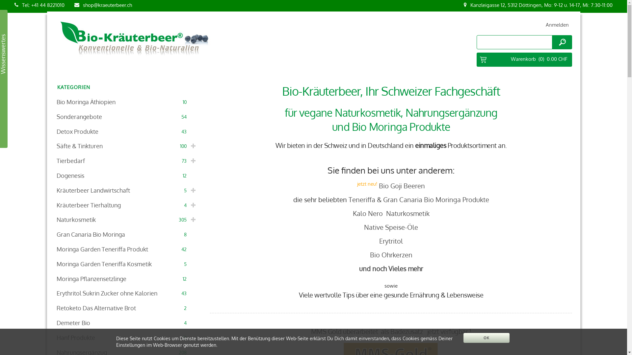  What do you see at coordinates (401, 185) in the screenshot?
I see `'Bio Goji Beeren'` at bounding box center [401, 185].